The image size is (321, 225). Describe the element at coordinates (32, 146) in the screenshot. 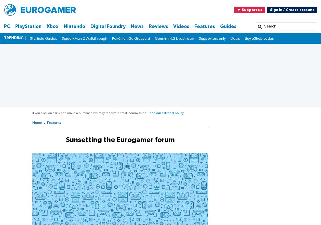

I see `'About the Author'` at that location.